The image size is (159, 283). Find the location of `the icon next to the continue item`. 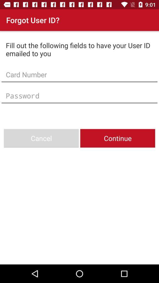

the icon next to the continue item is located at coordinates (41, 138).